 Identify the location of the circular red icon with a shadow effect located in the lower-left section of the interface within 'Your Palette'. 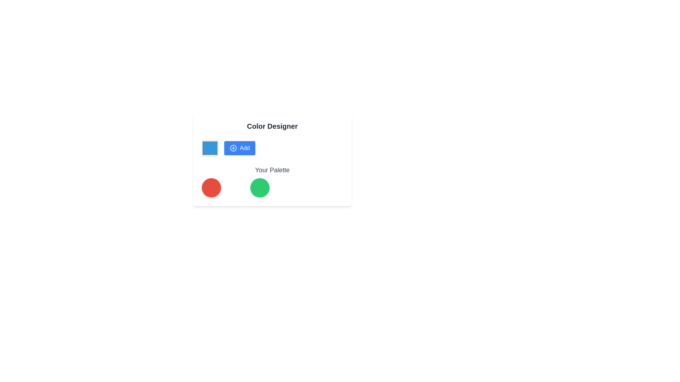
(211, 187).